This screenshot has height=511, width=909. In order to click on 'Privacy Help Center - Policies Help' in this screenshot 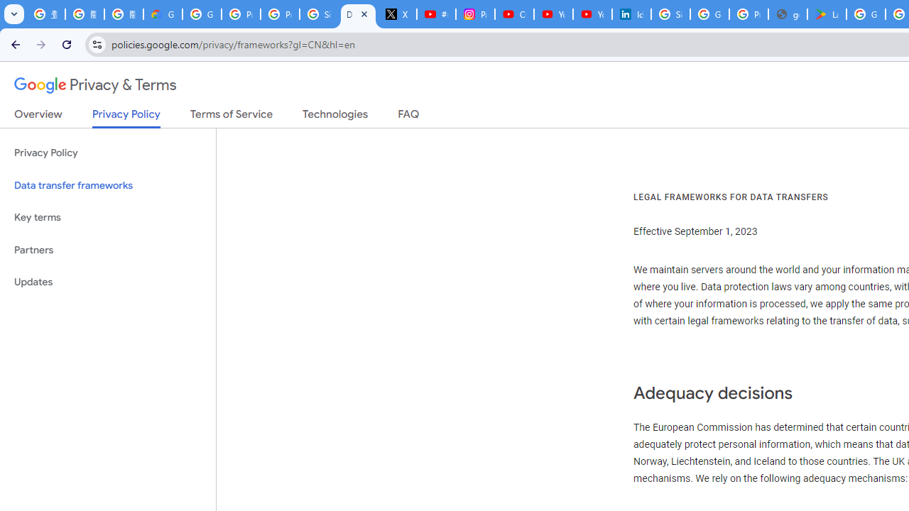, I will do `click(241, 14)`.